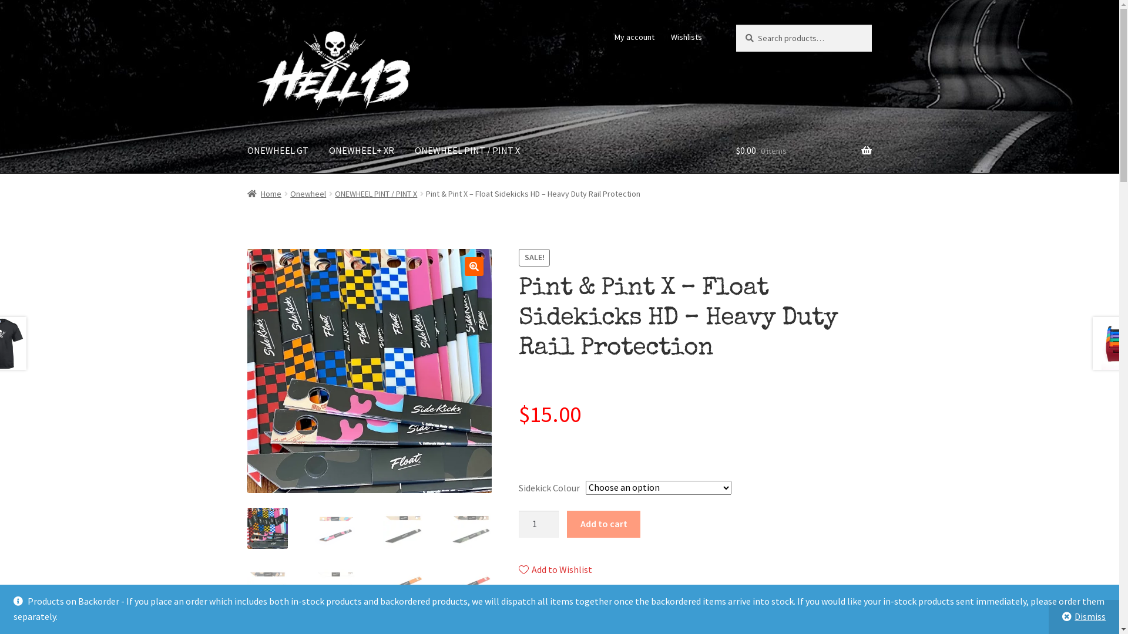 Image resolution: width=1128 pixels, height=634 pixels. I want to click on 'Home', so click(264, 193).